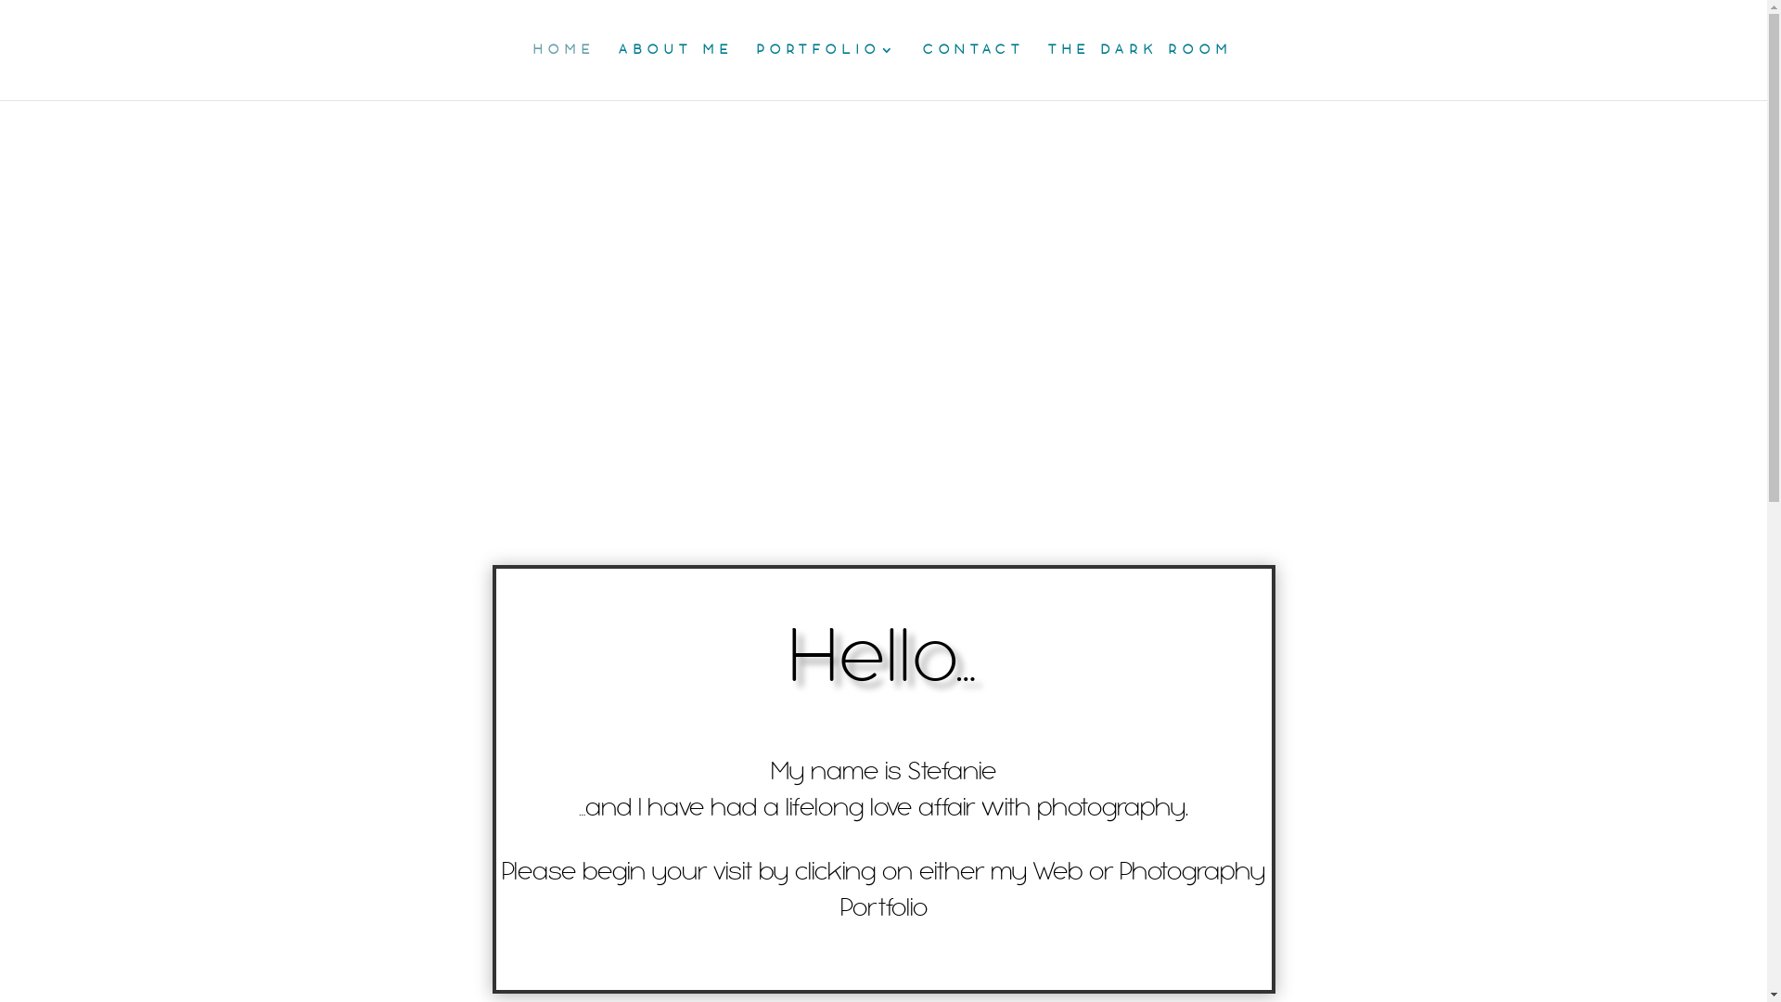 Image resolution: width=1781 pixels, height=1002 pixels. What do you see at coordinates (826, 71) in the screenshot?
I see `'PORTFOLIO'` at bounding box center [826, 71].